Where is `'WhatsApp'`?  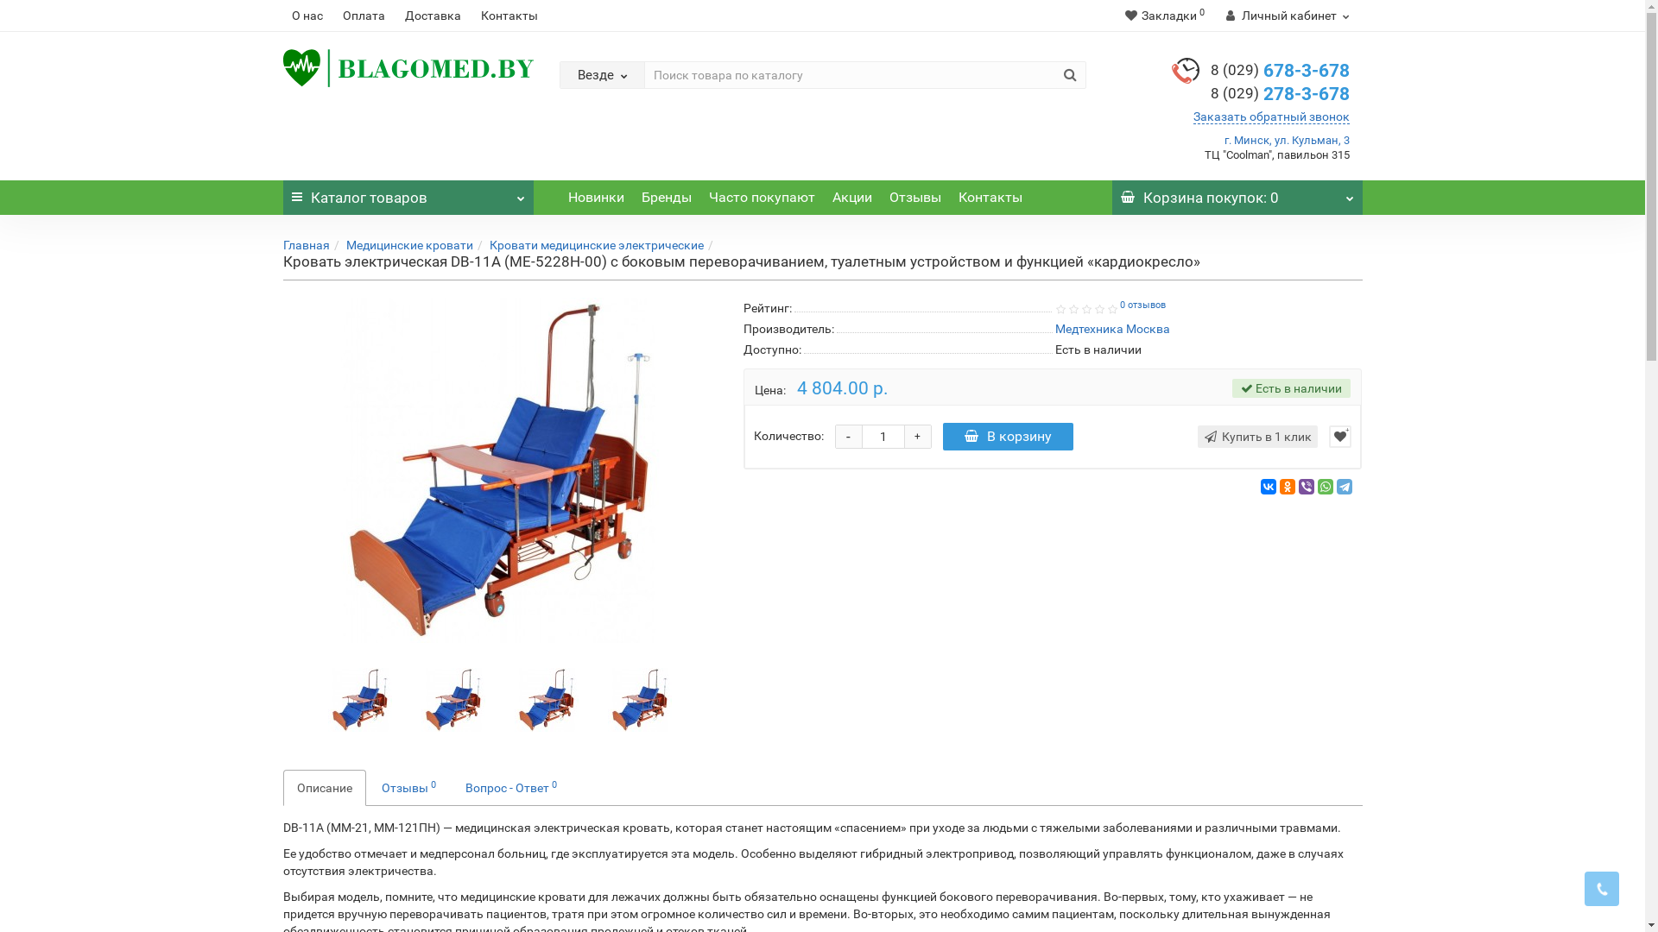
'WhatsApp' is located at coordinates (1325, 486).